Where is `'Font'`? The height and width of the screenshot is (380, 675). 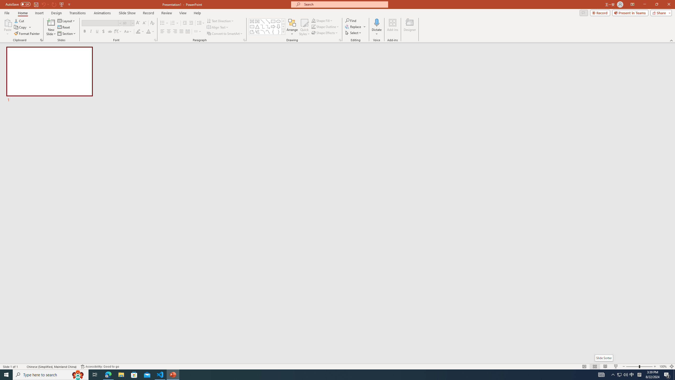
'Font' is located at coordinates (101, 23).